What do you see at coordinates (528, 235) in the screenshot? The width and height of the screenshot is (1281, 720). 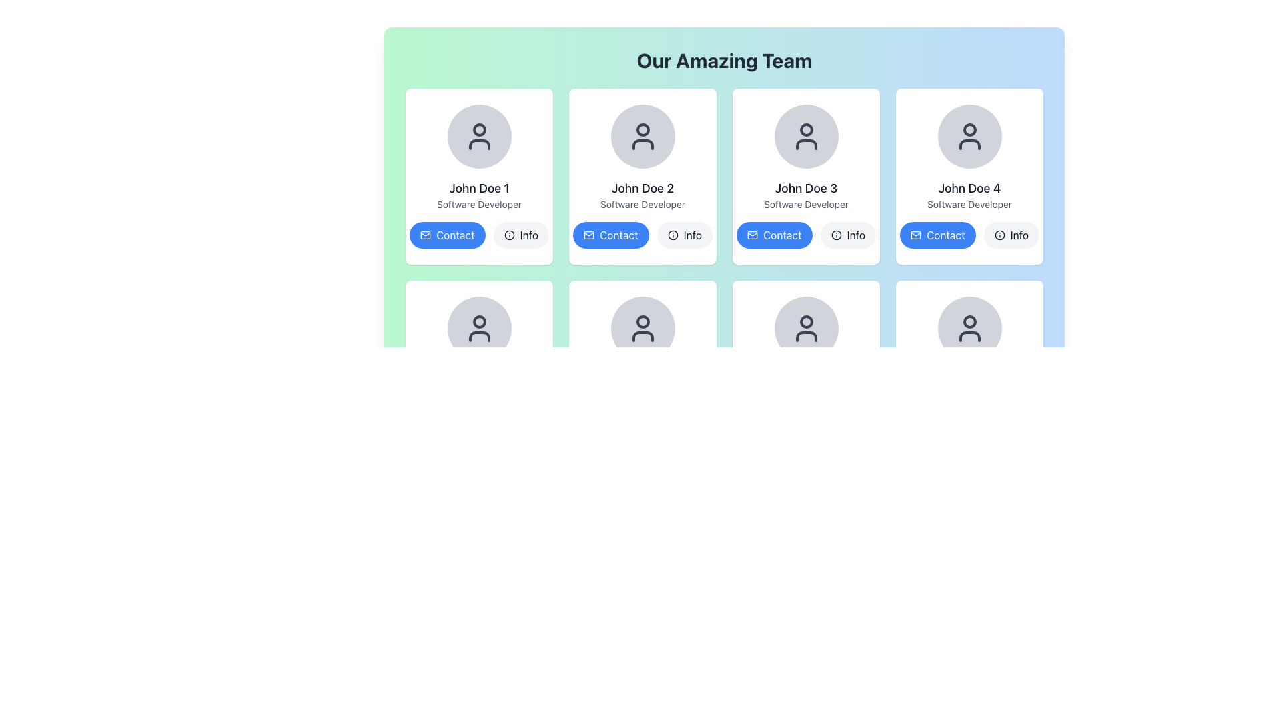 I see `the 'Info' text label inside the button located at the bottom-right corner of the user card displaying 'John Doe 1'` at bounding box center [528, 235].